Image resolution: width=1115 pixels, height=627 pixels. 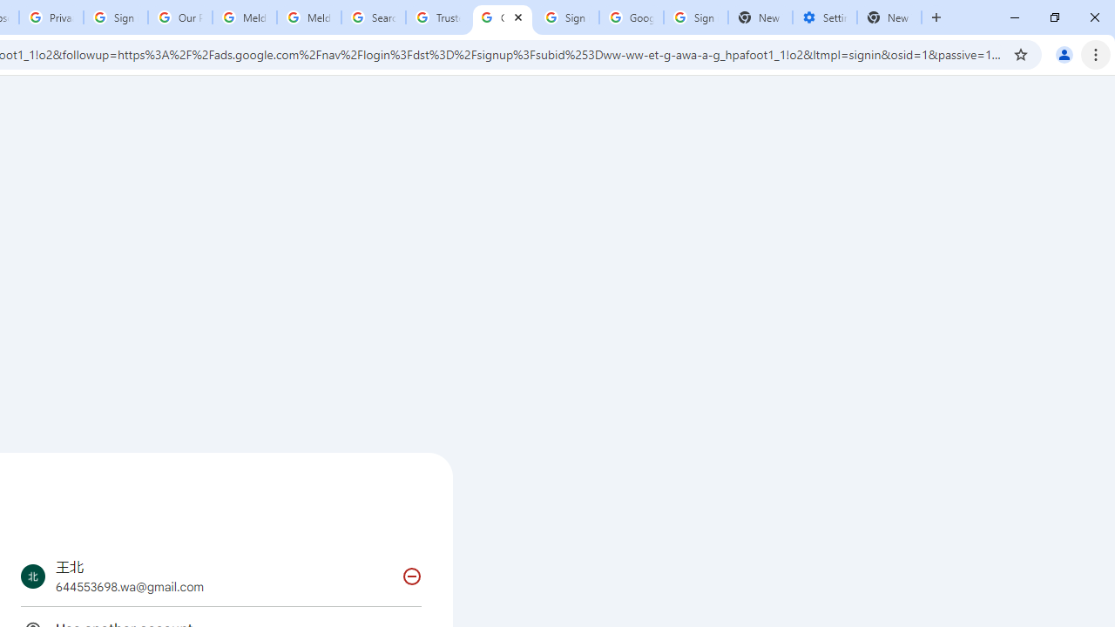 What do you see at coordinates (630, 17) in the screenshot?
I see `'Google Cybersecurity Innovations - Google Safety Center'` at bounding box center [630, 17].